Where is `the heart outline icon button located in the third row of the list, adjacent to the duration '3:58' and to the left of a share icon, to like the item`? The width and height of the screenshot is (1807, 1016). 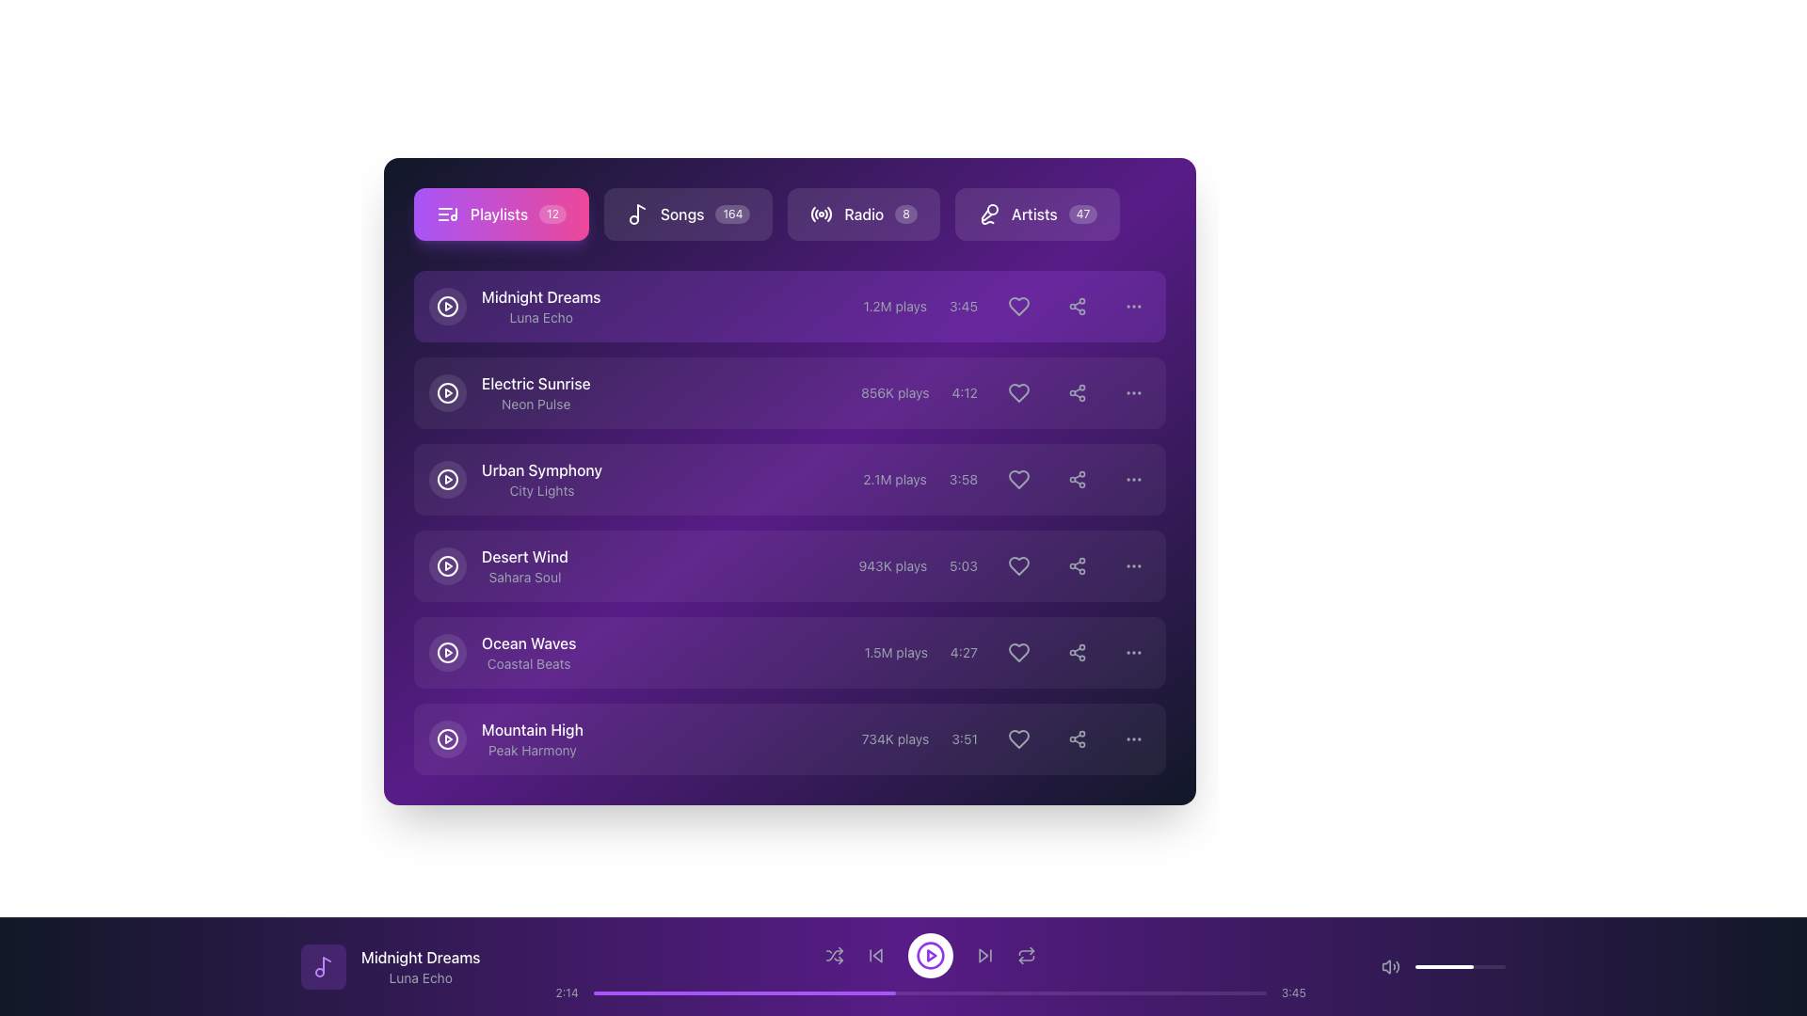
the heart outline icon button located in the third row of the list, adjacent to the duration '3:58' and to the left of a share icon, to like the item is located at coordinates (1018, 478).